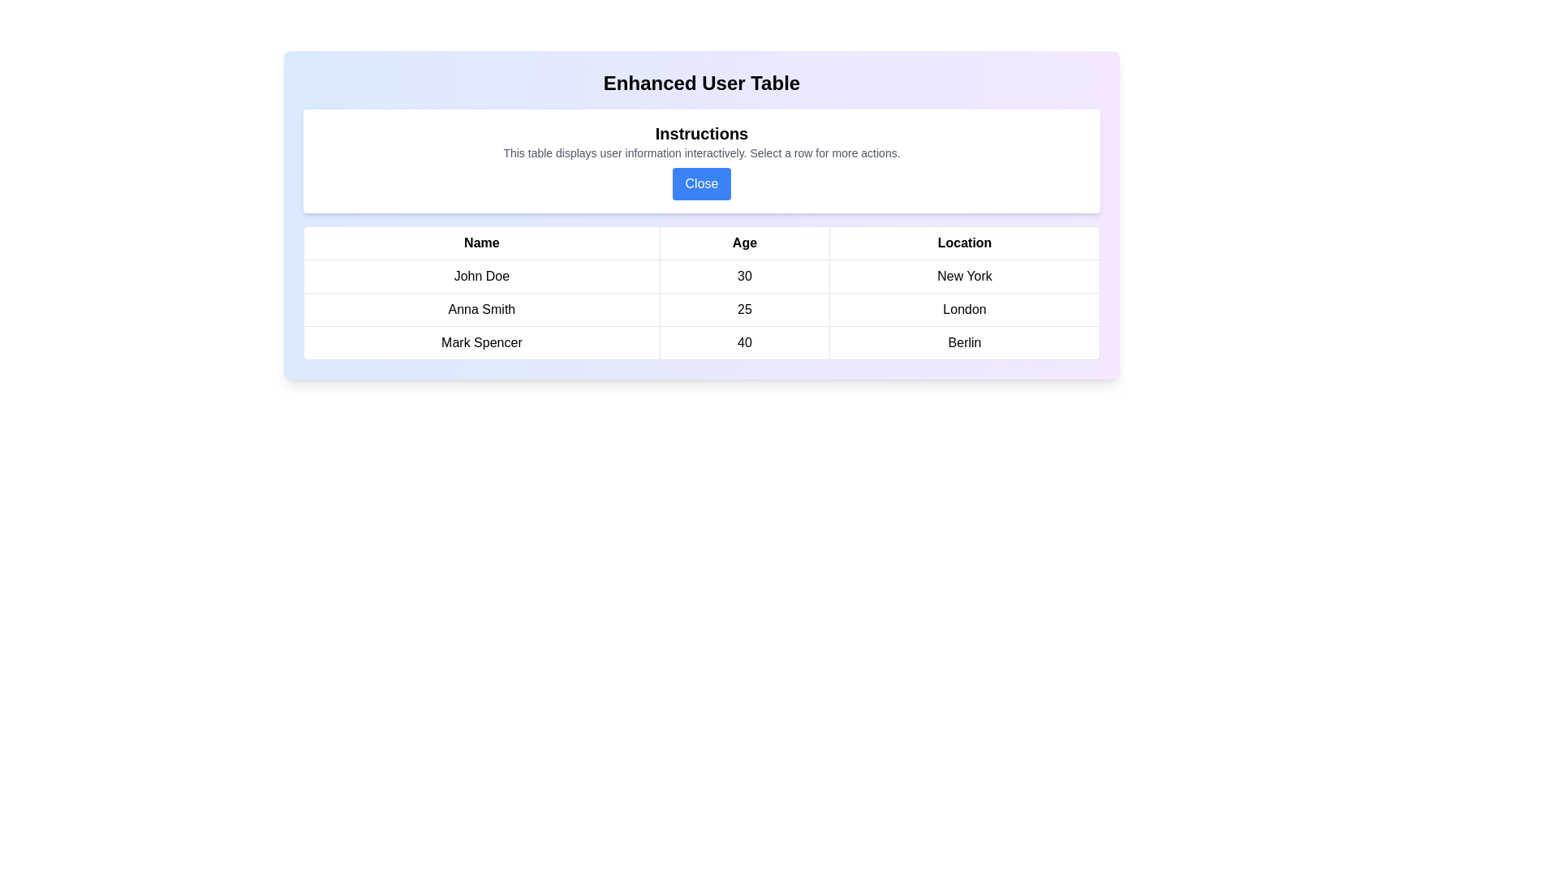 This screenshot has width=1558, height=876. What do you see at coordinates (701, 275) in the screenshot?
I see `the first row of the table displaying user details for 'John Doe'` at bounding box center [701, 275].